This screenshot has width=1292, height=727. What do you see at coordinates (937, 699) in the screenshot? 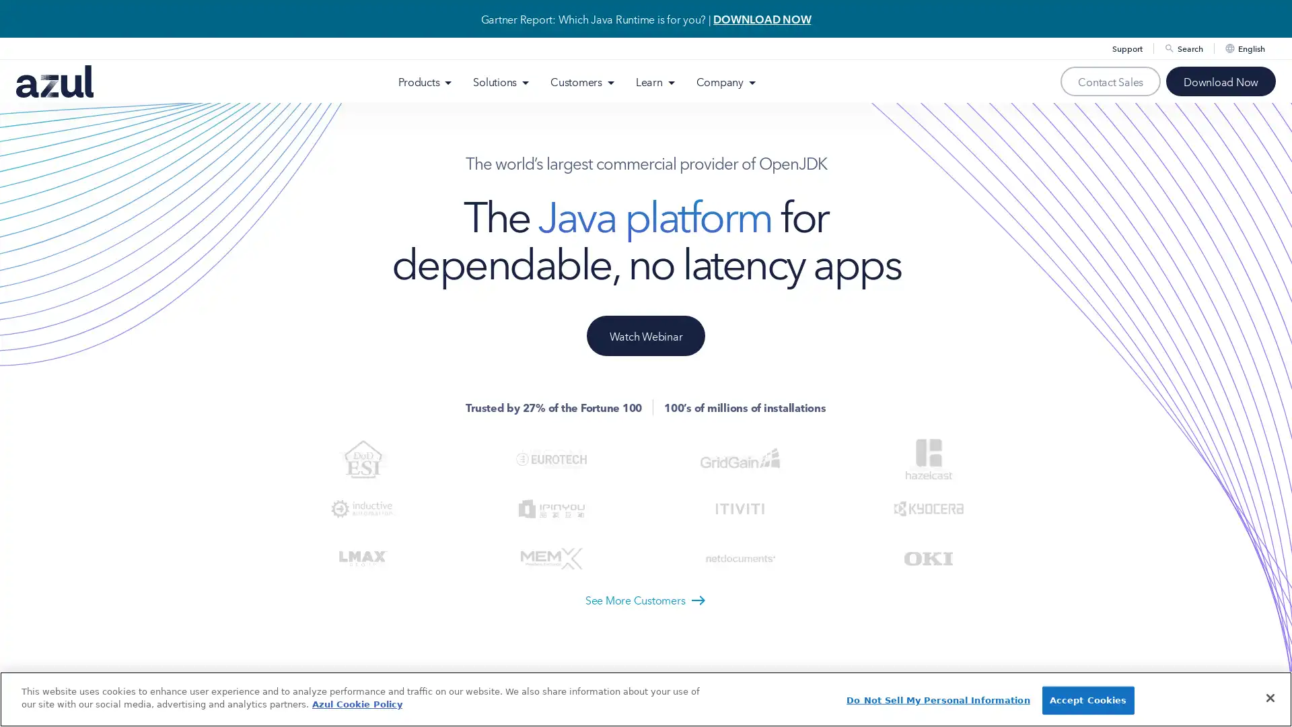
I see `Do Not Sell My Personal Information` at bounding box center [937, 699].